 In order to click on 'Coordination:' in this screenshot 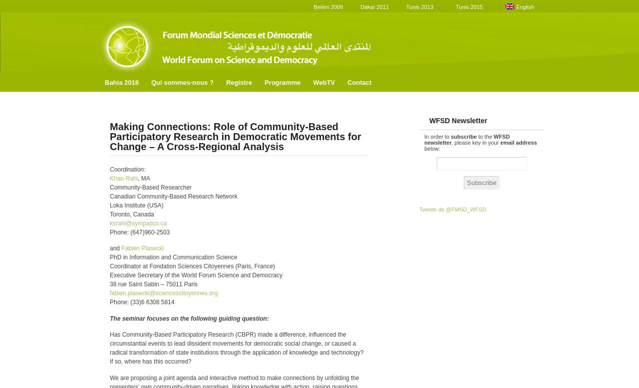, I will do `click(127, 169)`.